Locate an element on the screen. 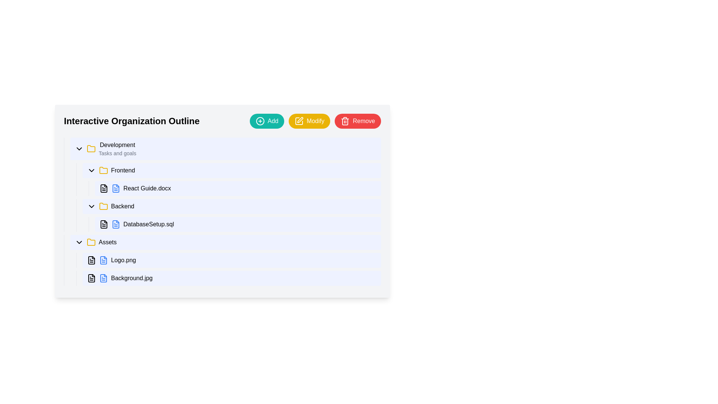 This screenshot has height=404, width=718. the file type icon located in the 'Backend' section under the 'Development' category, which is the first icon to the left of 'DatabaseSetup.sql' is located at coordinates (104, 224).